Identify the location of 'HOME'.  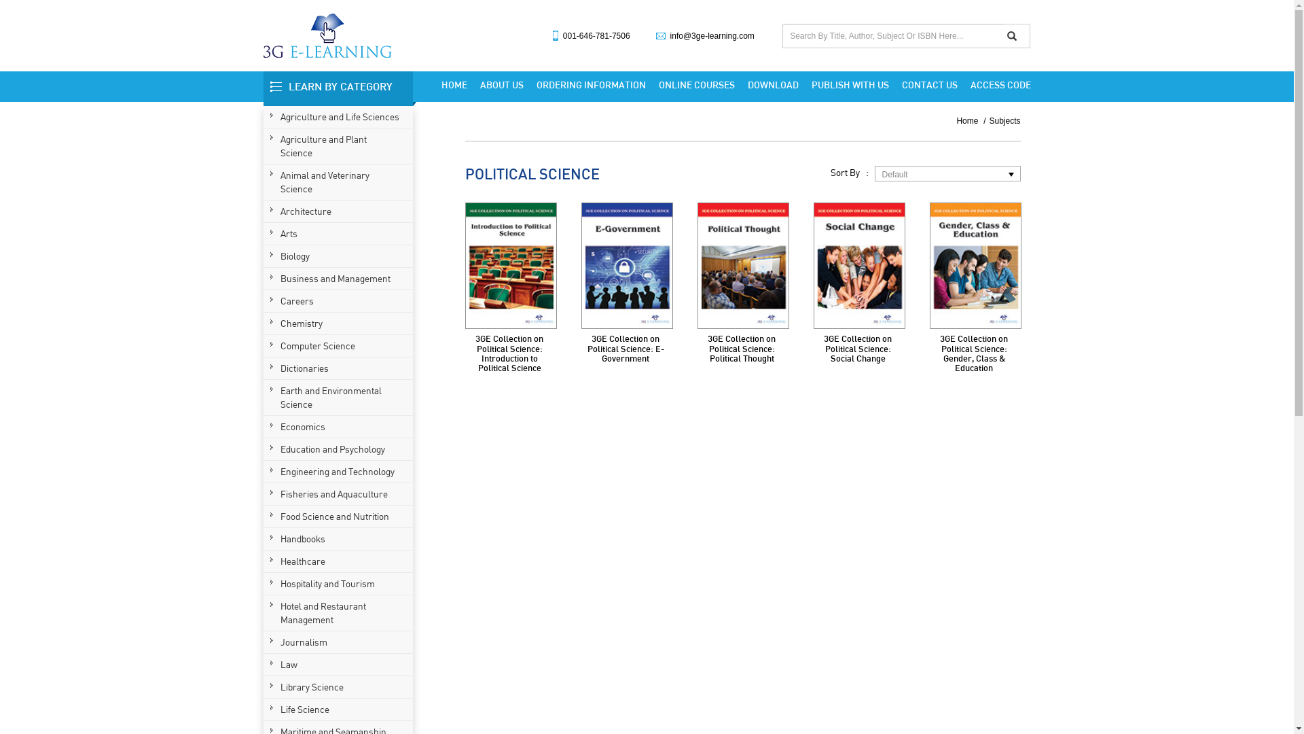
(454, 84).